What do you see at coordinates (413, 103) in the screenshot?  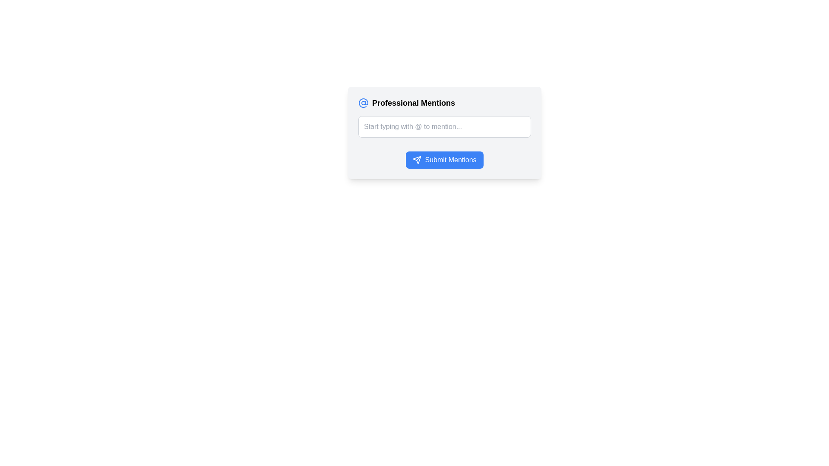 I see `the text heading located in the upper-left section of the focus interface card, which is to the right of a blue at-sign icon and above a text input box and a submission button` at bounding box center [413, 103].